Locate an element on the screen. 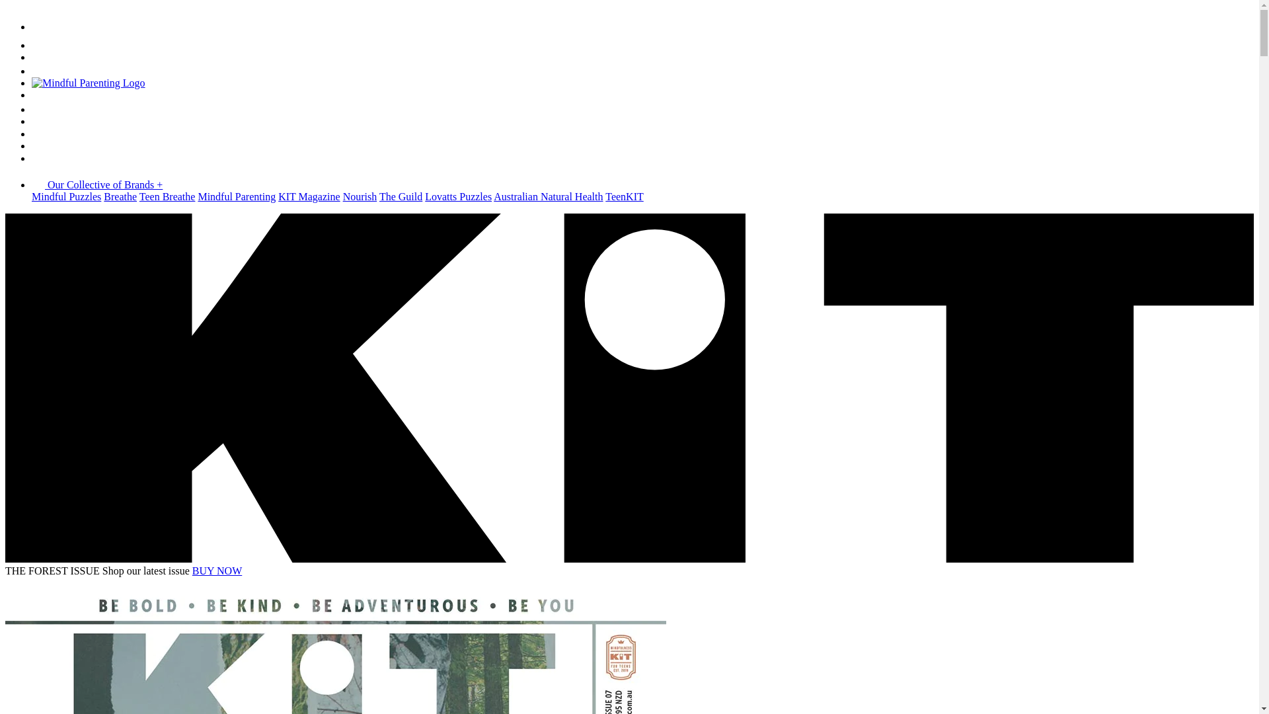 The width and height of the screenshot is (1269, 714). 'Skip to content' is located at coordinates (4, 212).